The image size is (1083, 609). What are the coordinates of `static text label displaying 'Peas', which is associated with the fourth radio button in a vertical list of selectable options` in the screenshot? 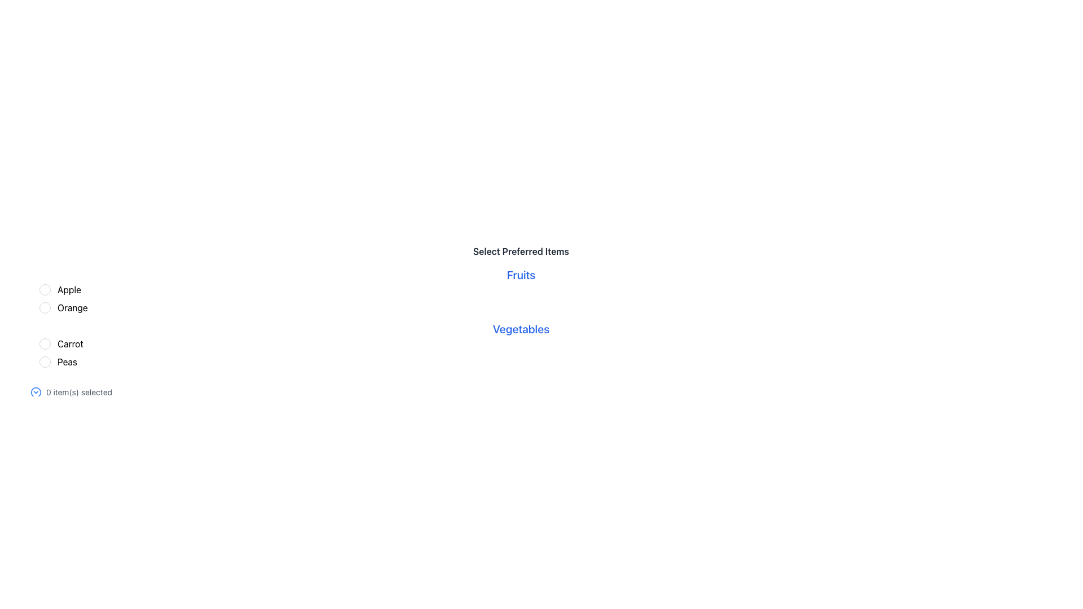 It's located at (67, 361).